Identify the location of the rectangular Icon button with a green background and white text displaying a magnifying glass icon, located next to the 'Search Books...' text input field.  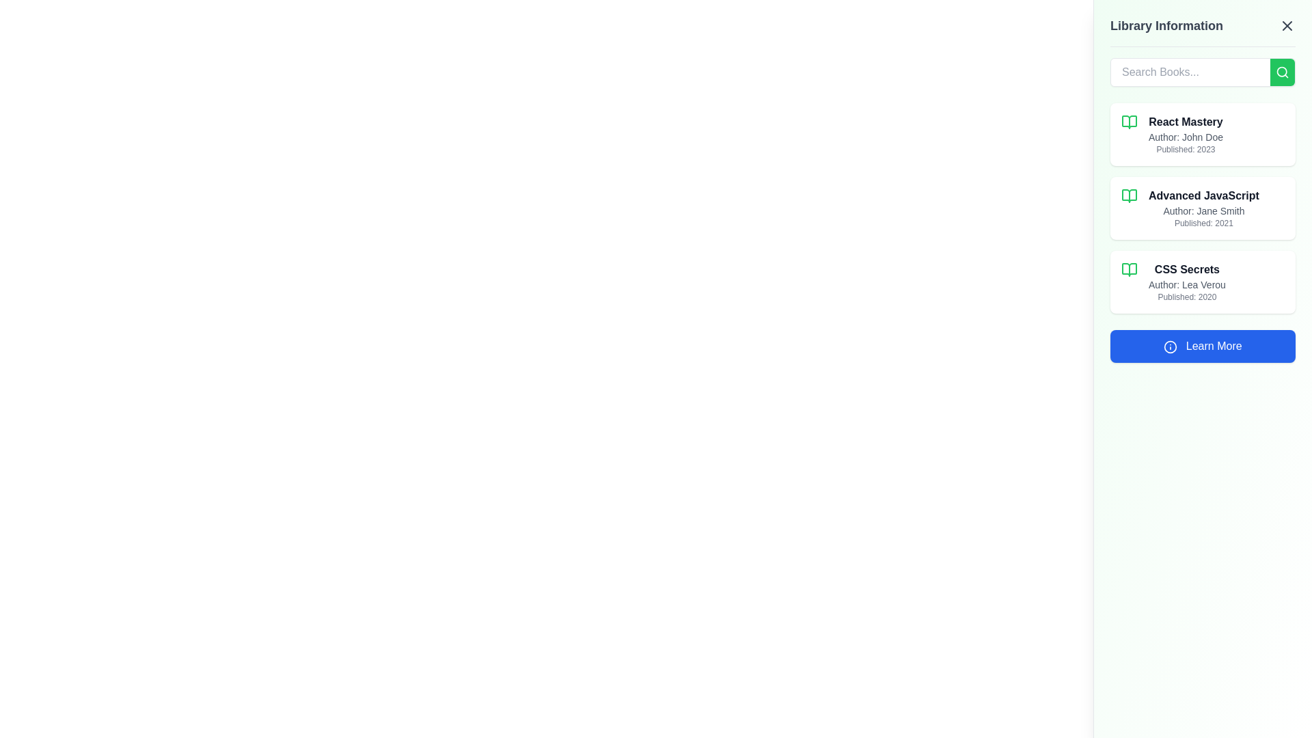
(1281, 72).